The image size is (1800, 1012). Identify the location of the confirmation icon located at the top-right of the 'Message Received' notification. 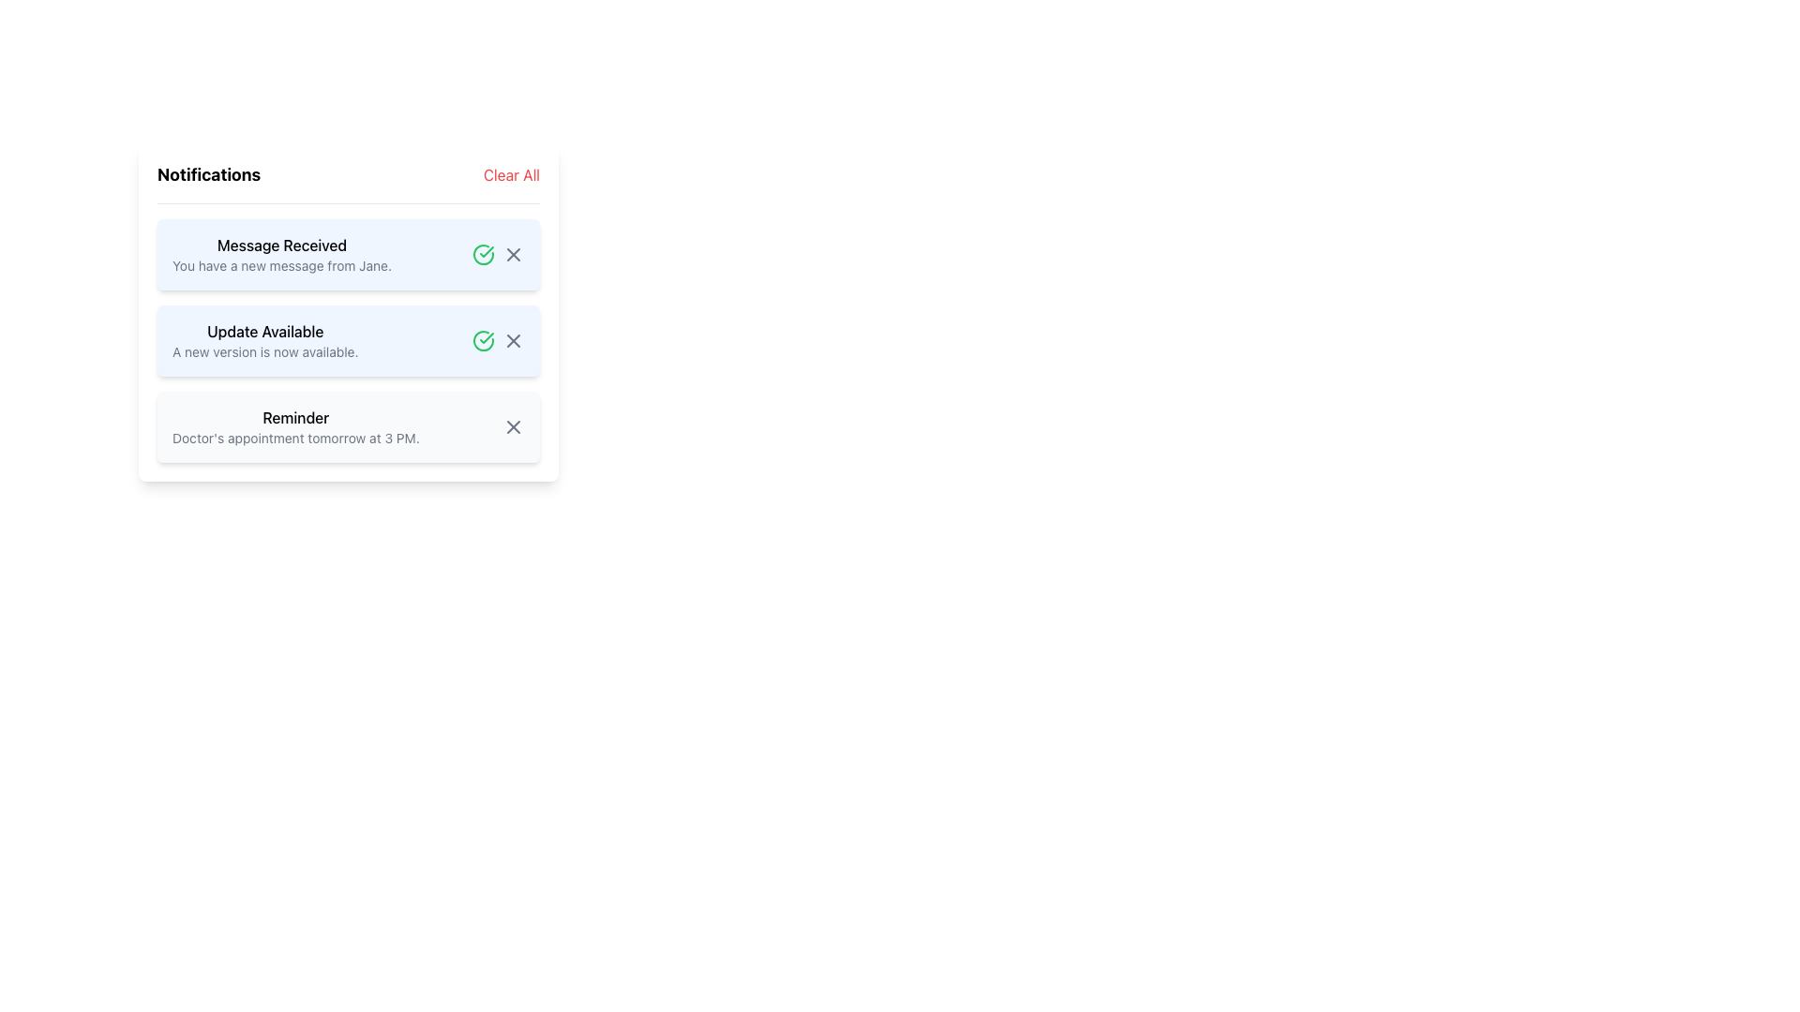
(483, 340).